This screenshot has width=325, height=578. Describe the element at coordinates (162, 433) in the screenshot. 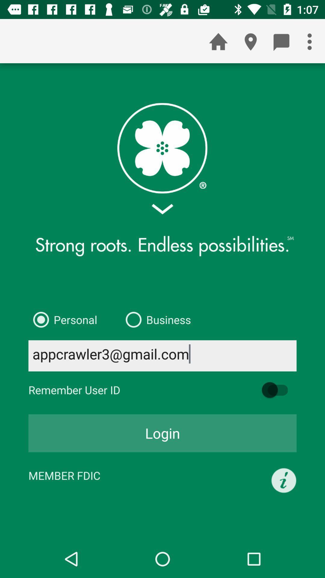

I see `the login item` at that location.